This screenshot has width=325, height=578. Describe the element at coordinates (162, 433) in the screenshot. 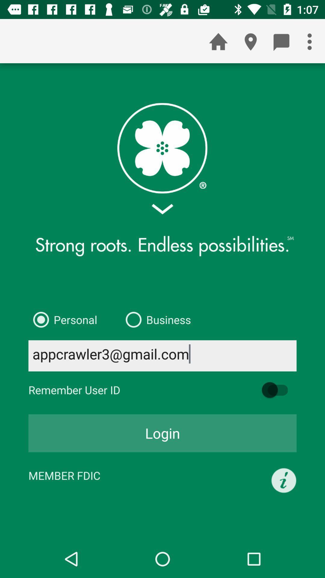

I see `the login item` at that location.